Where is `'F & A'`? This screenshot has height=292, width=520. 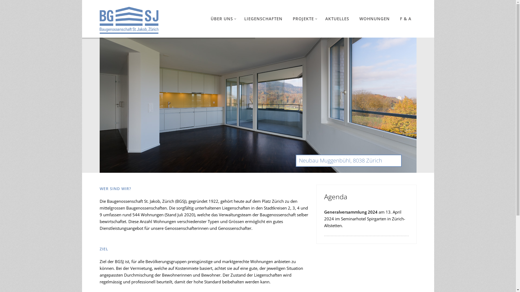
'F & A' is located at coordinates (405, 18).